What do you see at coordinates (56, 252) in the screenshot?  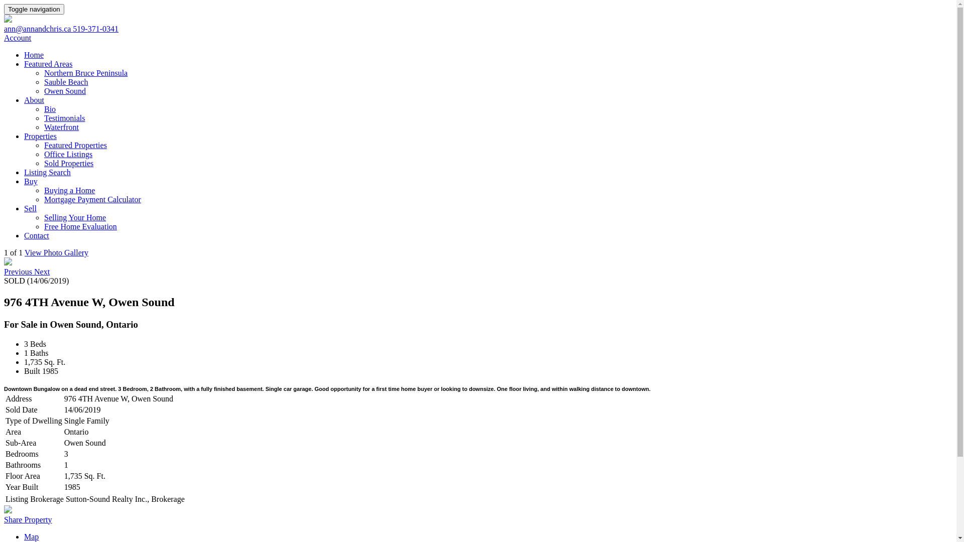 I see `'View Photo Gallery'` at bounding box center [56, 252].